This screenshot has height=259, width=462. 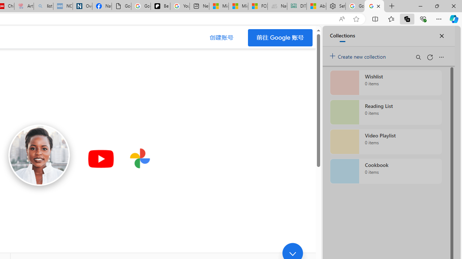 What do you see at coordinates (258, 6) in the screenshot?
I see `'FOX News - MSN'` at bounding box center [258, 6].